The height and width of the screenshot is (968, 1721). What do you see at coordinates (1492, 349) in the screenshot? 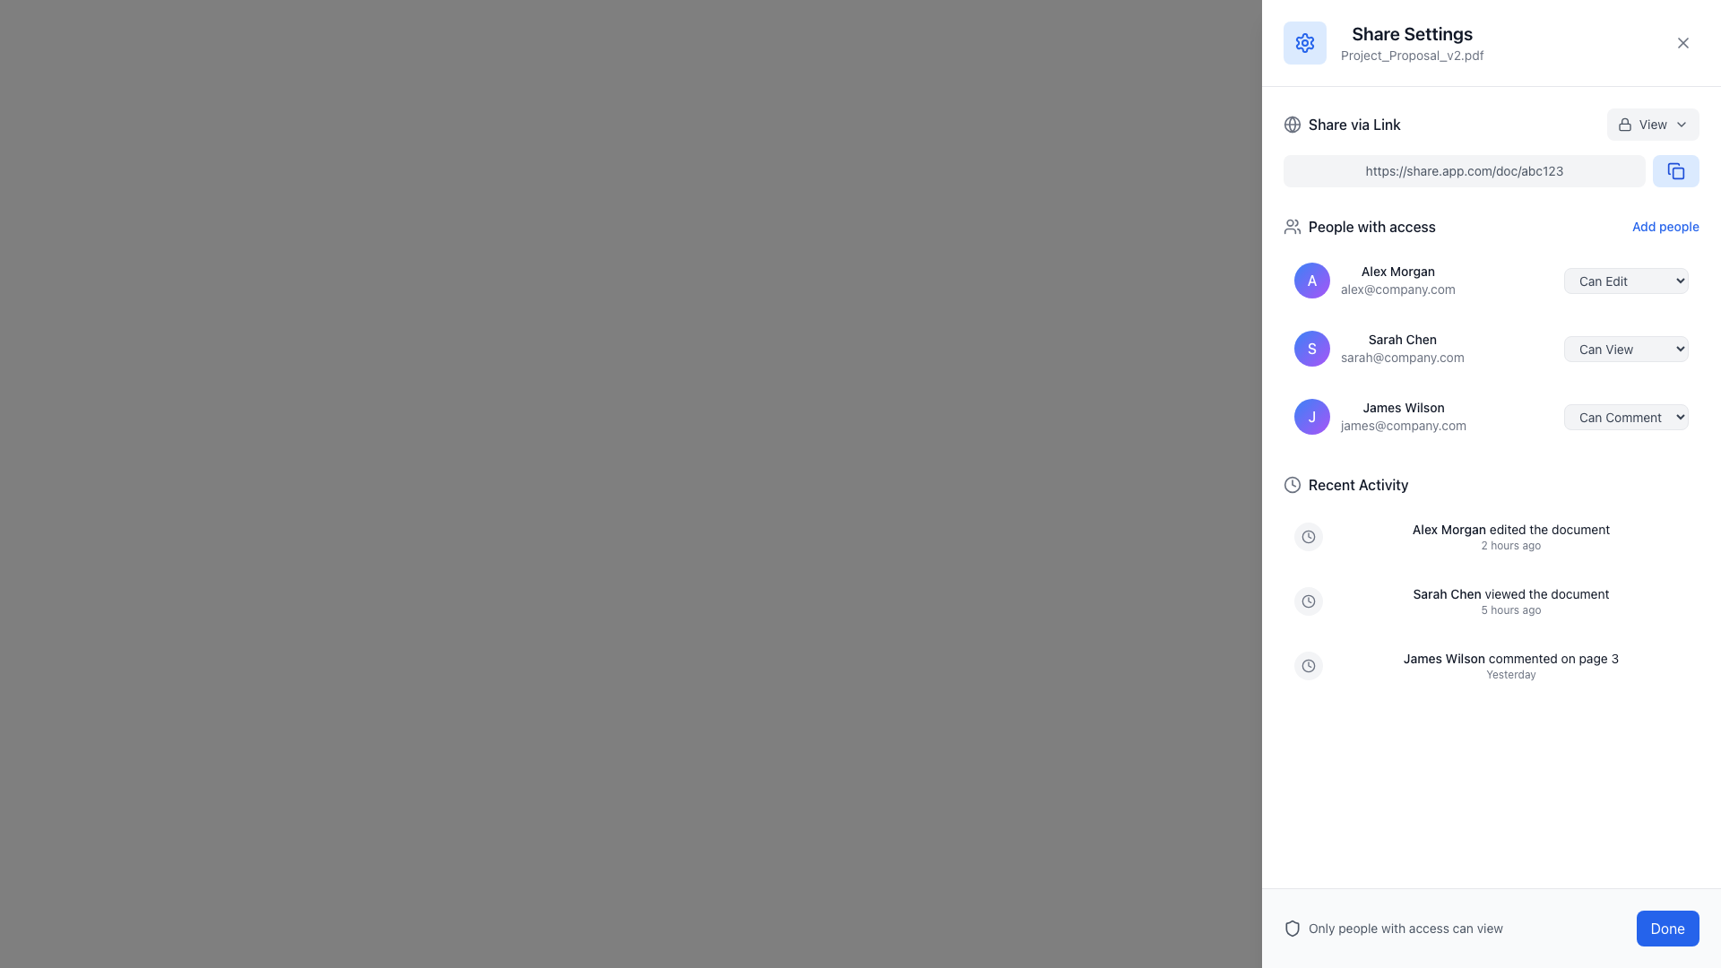
I see `the dropdown in the second user list entry for modifying access rights, located in the 'People with access' section, between 'Alex Morgan' and 'James Wilson'` at bounding box center [1492, 349].